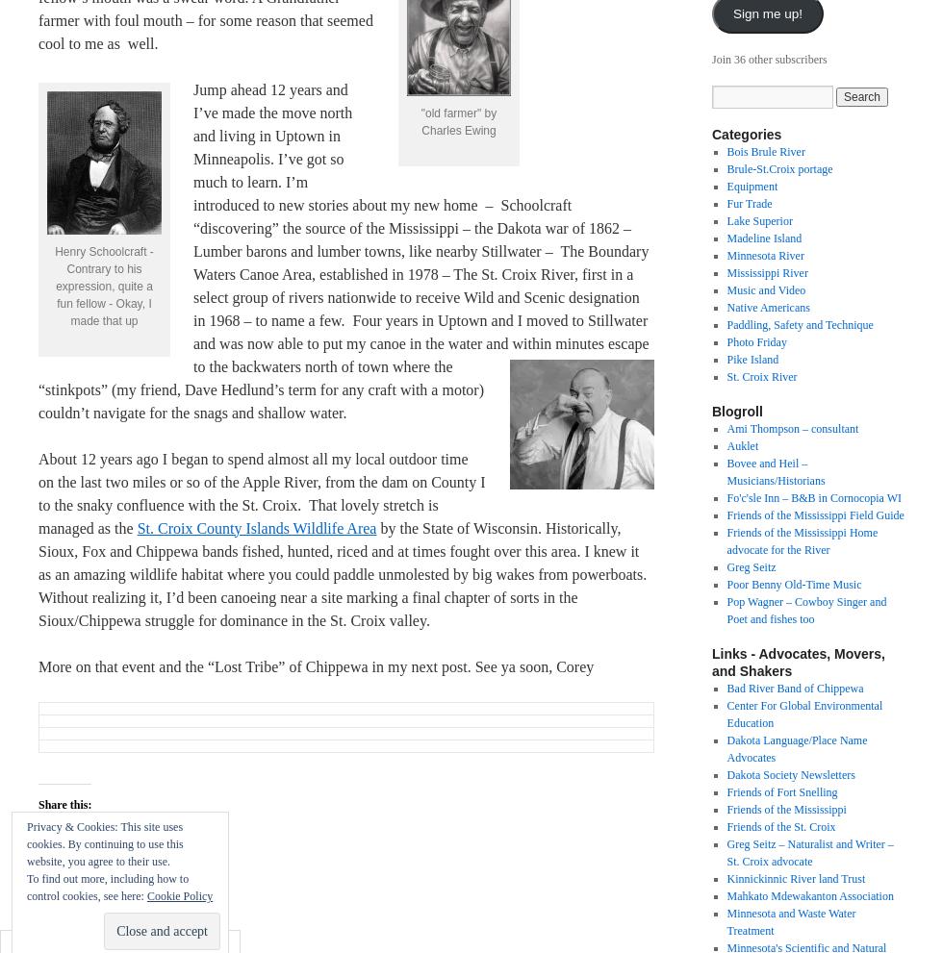  I want to click on 'Links - Advocates, Movers, and Shakers', so click(798, 663).